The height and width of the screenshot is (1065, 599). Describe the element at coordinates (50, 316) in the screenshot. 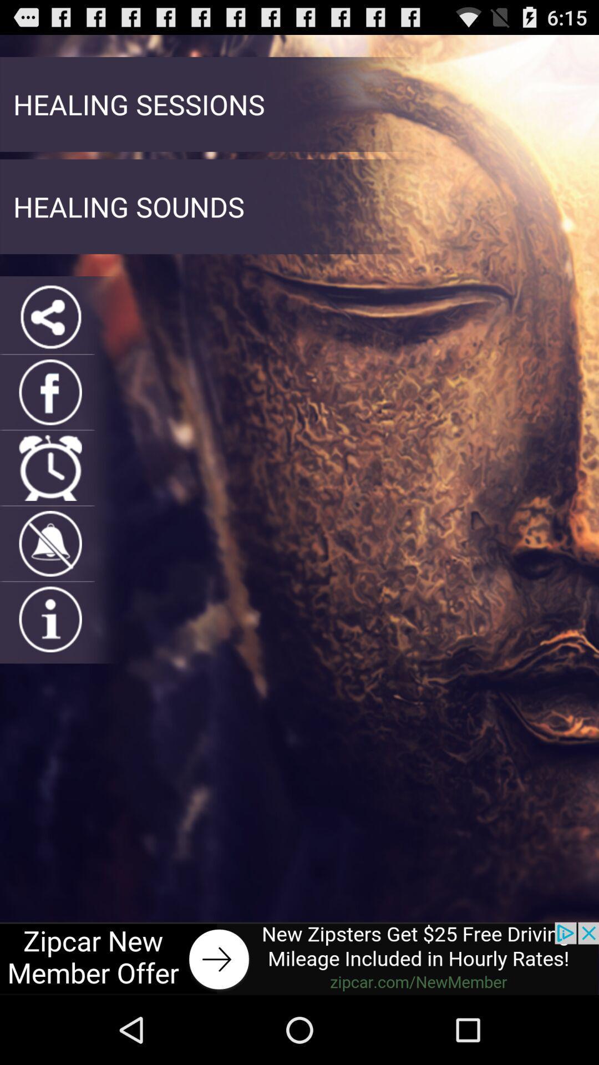

I see `share with others` at that location.